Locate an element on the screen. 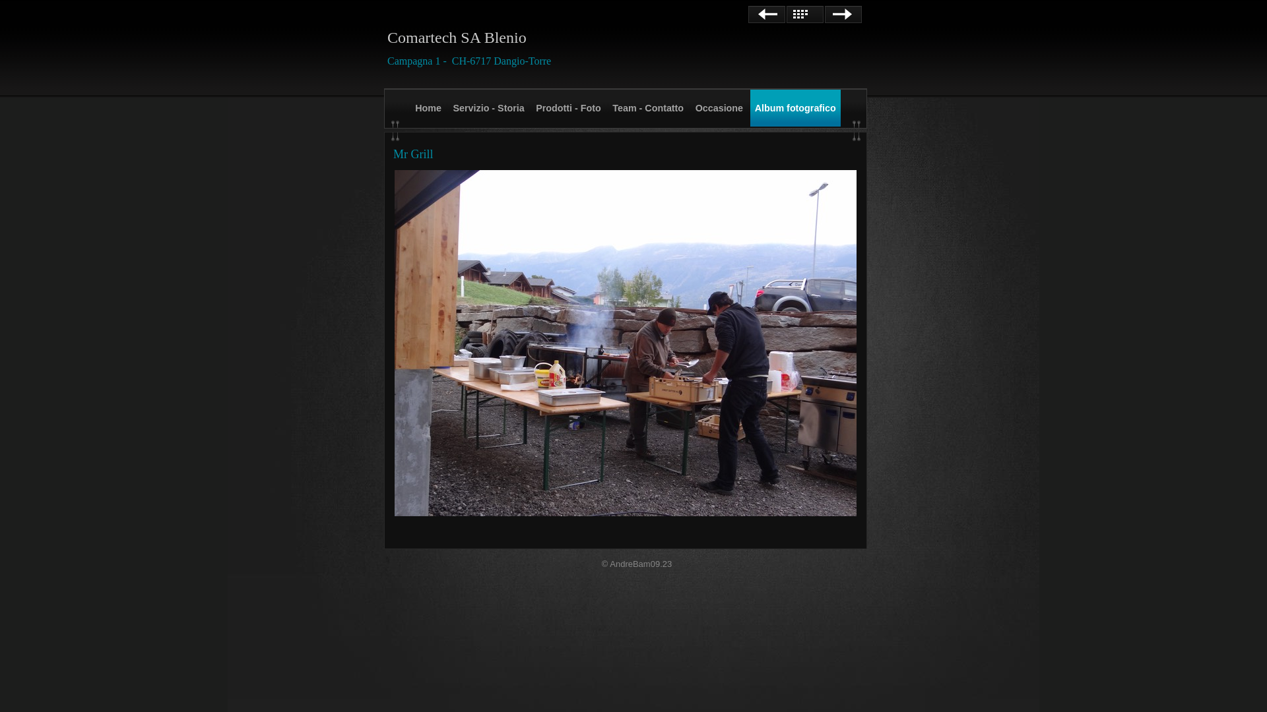  'Elenco' is located at coordinates (786, 15).